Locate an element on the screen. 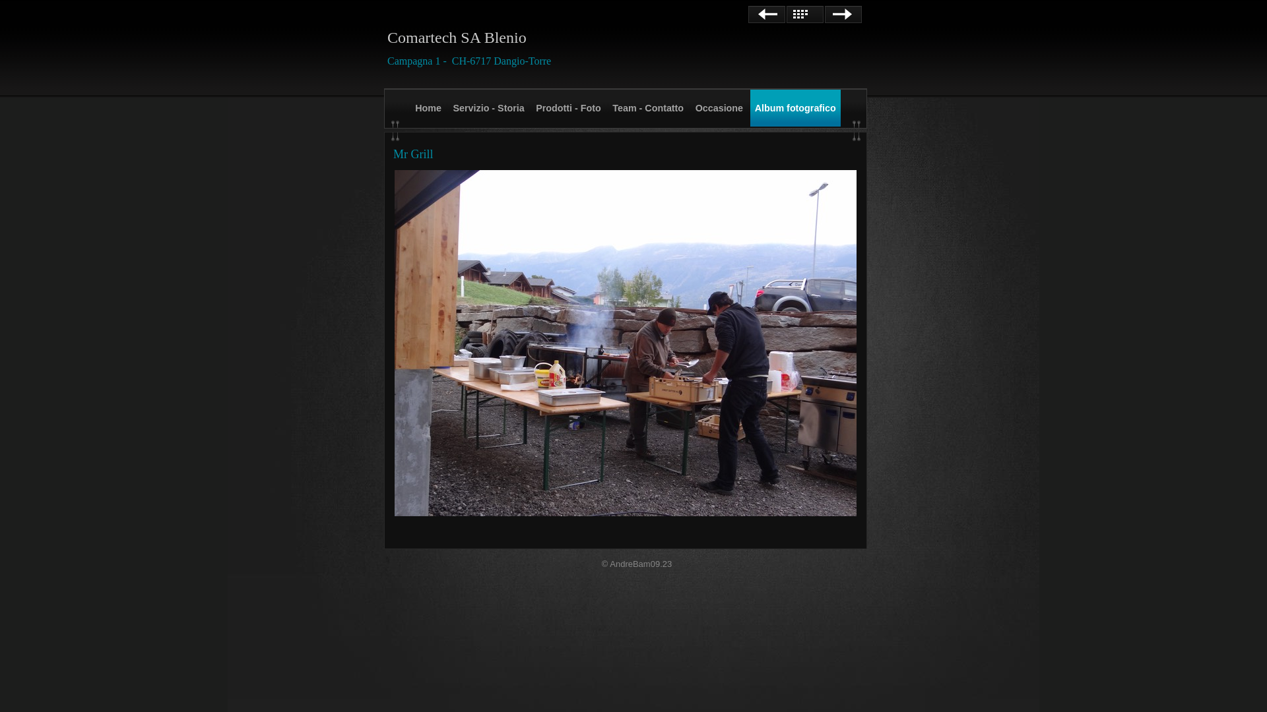  'Elenco' is located at coordinates (786, 15).